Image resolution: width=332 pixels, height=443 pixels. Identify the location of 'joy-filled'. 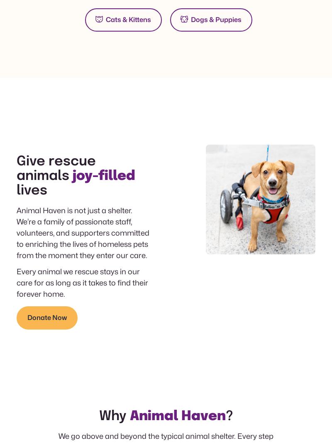
(72, 176).